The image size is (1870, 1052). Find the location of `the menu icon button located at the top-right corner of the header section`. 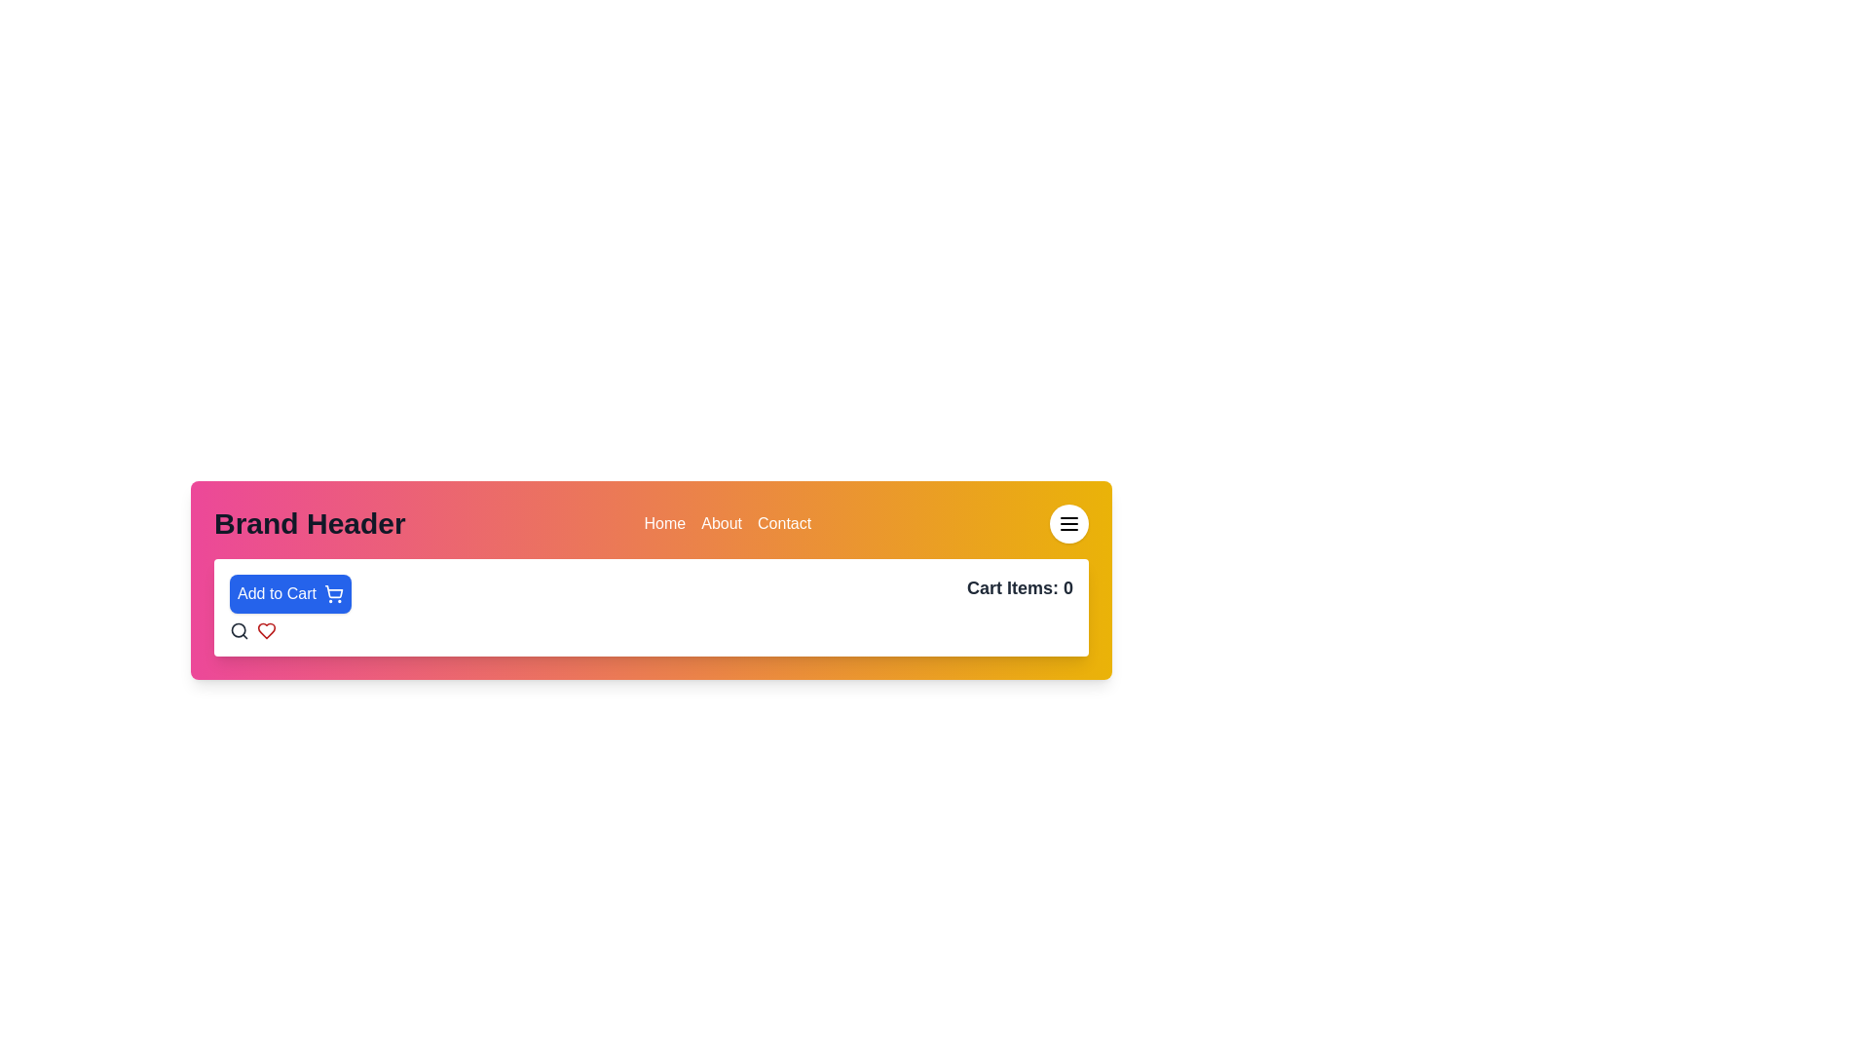

the menu icon button located at the top-right corner of the header section is located at coordinates (1068, 522).